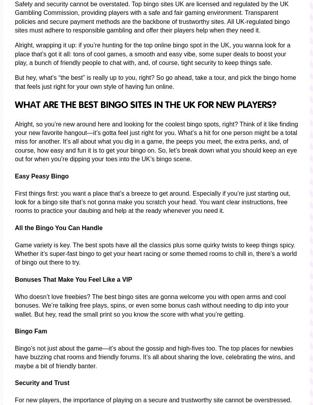  Describe the element at coordinates (14, 304) in the screenshot. I see `'Who doesn’t love freebies? The best bingo sites are gonna welcome you with open arms and cool bonuses. We’re talking free plays, spins, or even some bonus cash without needing to dip into your wallet. But hey, read the small print so you know the score with what you’re getting.'` at that location.